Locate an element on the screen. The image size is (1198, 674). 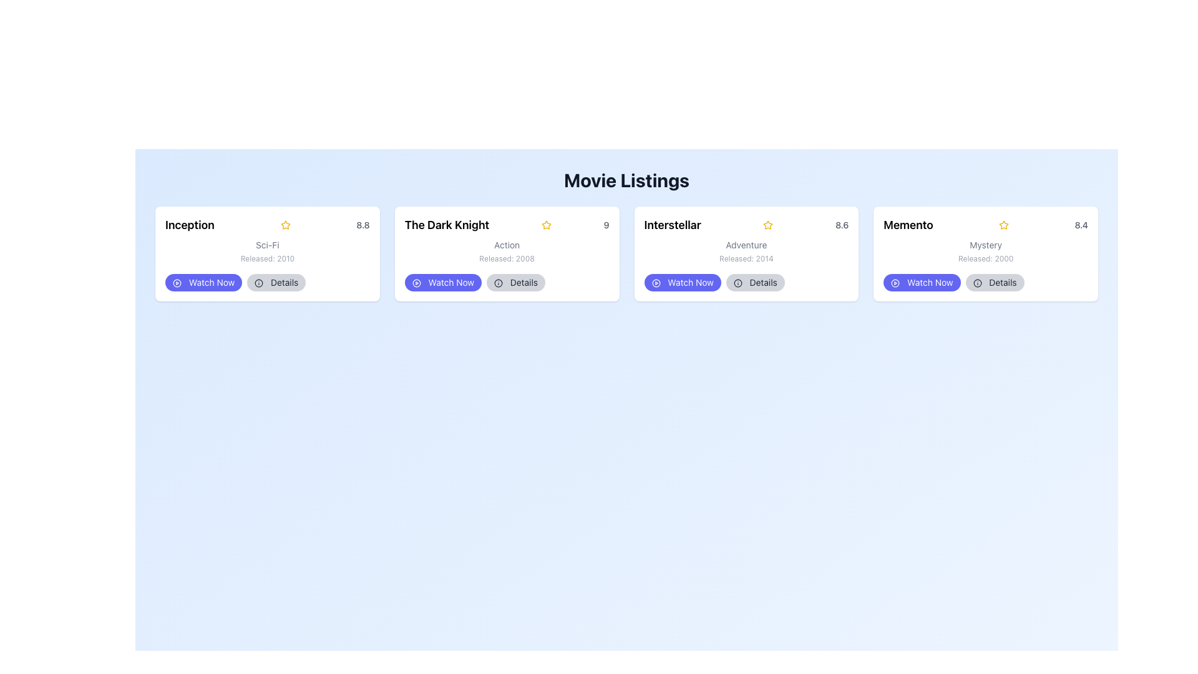
the visual indicator icon within the 'Watch Now' button for the movie 'Interstellar', which is styled with a purple background and white text is located at coordinates (655, 283).